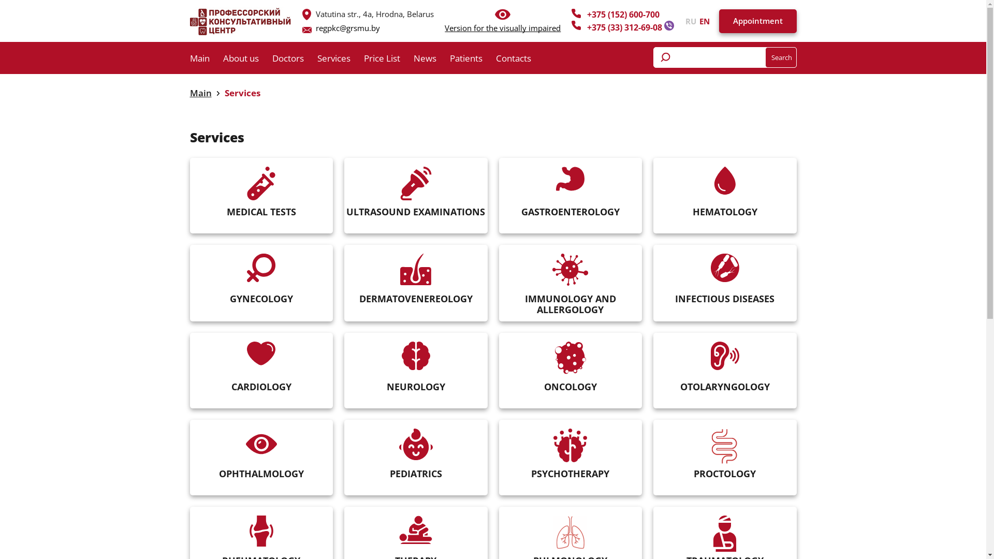  What do you see at coordinates (724, 267) in the screenshot?
I see `'Infectious diseases'` at bounding box center [724, 267].